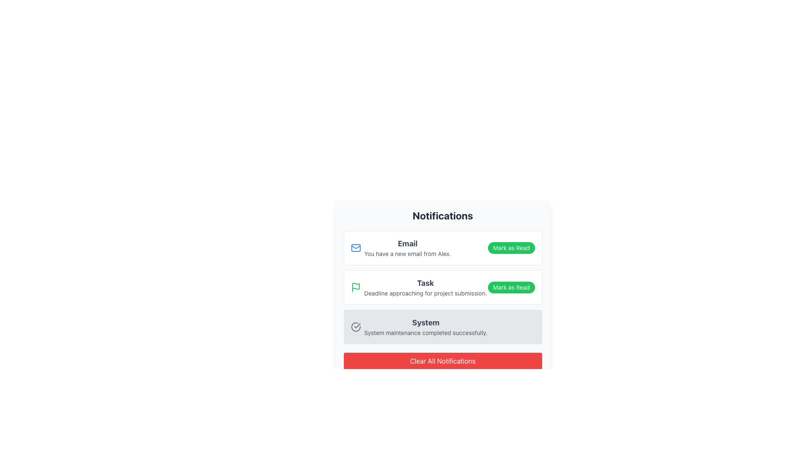 The image size is (807, 454). Describe the element at coordinates (511, 287) in the screenshot. I see `the button that marks the notification as read, located to the far-right of the notification text 'Deadline approaching for project submission.'` at that location.